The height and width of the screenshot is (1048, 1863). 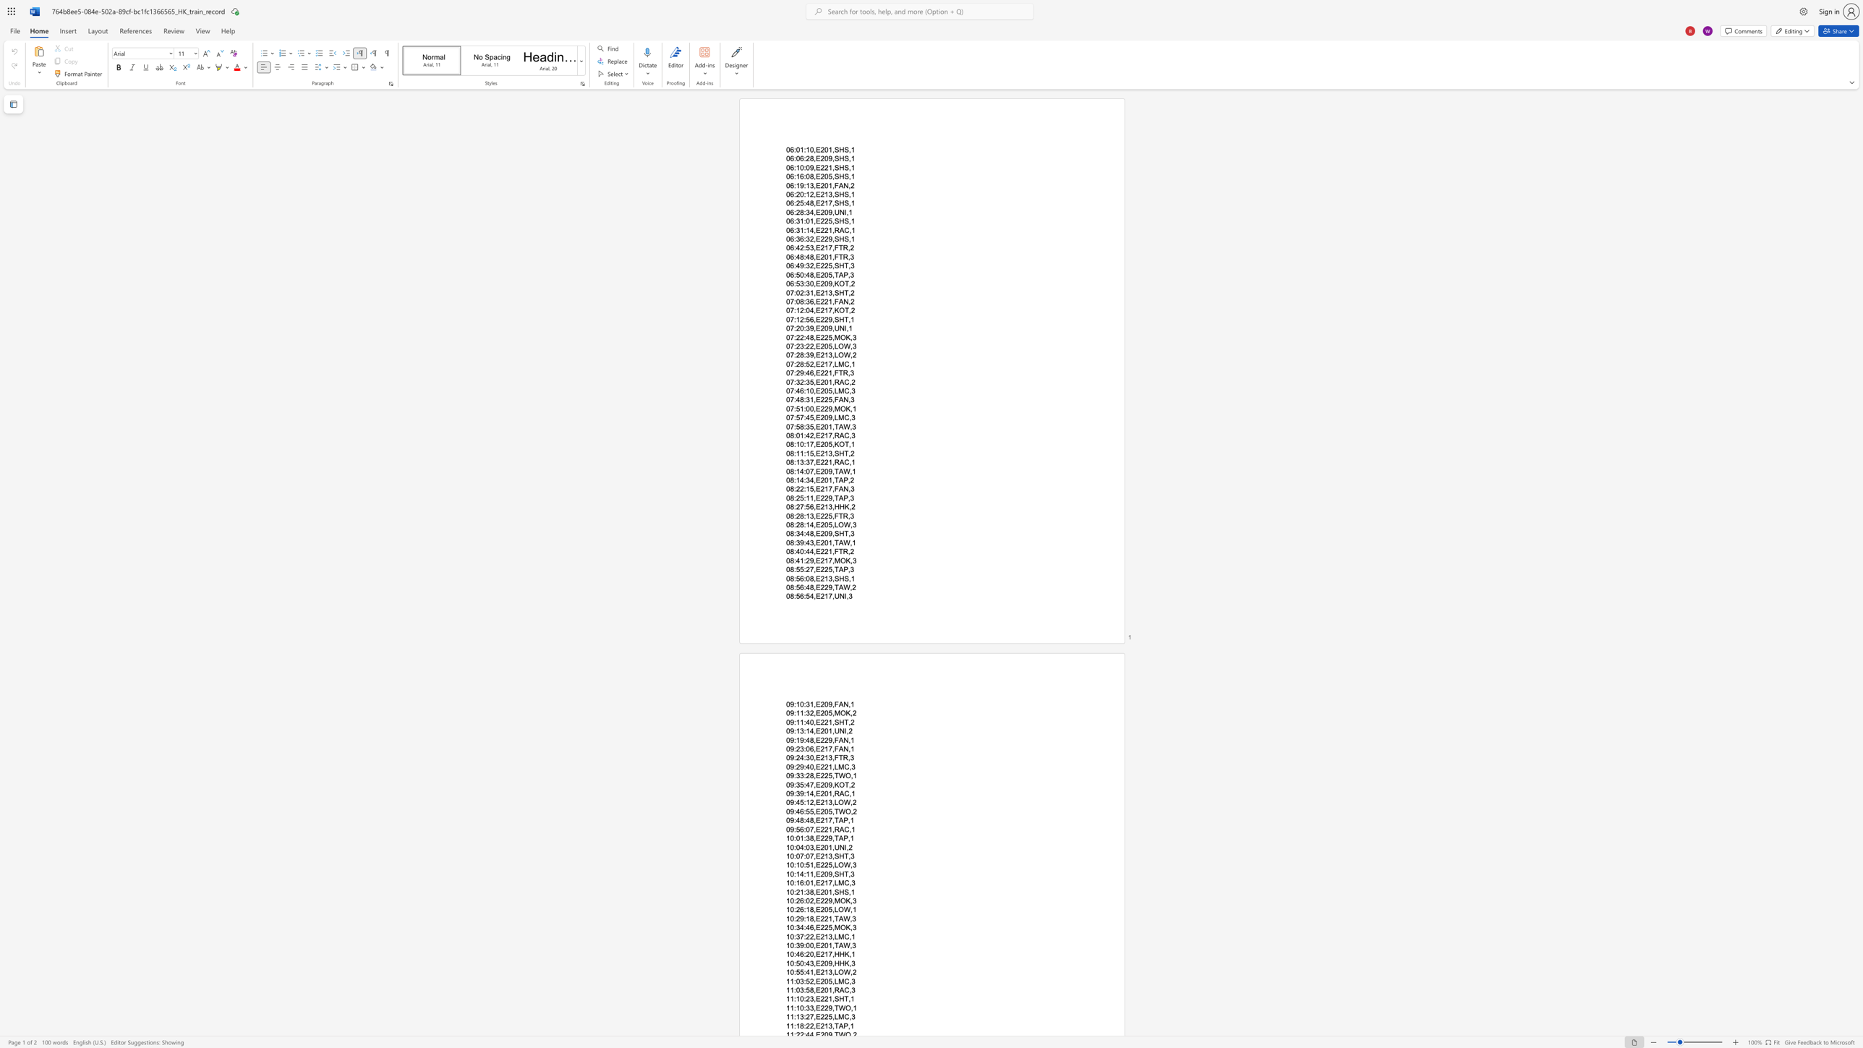 What do you see at coordinates (834, 399) in the screenshot?
I see `the space between the continuous character "," and "F" in the text` at bounding box center [834, 399].